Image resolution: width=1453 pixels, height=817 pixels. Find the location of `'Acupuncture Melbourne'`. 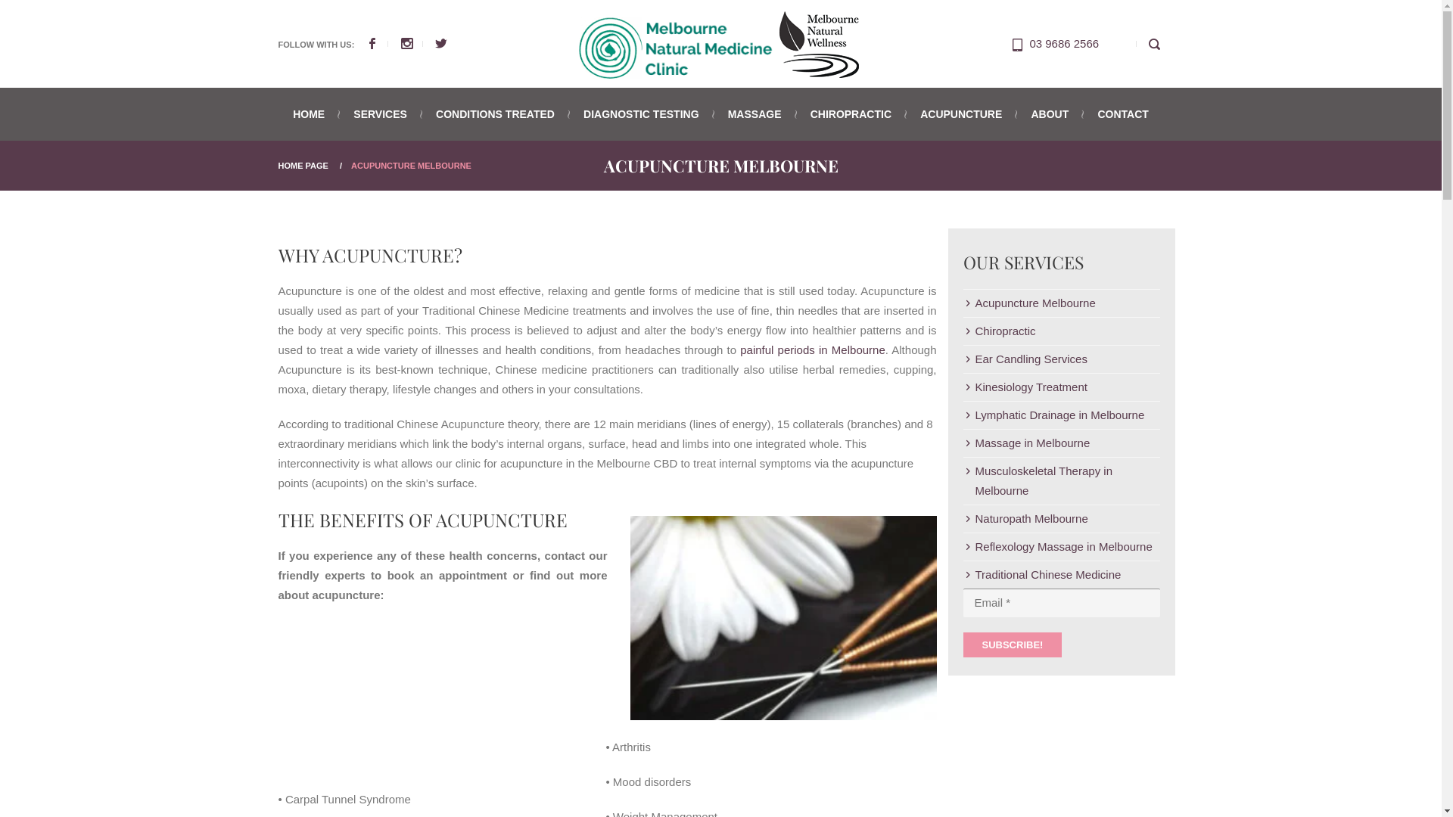

'Acupuncture Melbourne' is located at coordinates (771, 621).